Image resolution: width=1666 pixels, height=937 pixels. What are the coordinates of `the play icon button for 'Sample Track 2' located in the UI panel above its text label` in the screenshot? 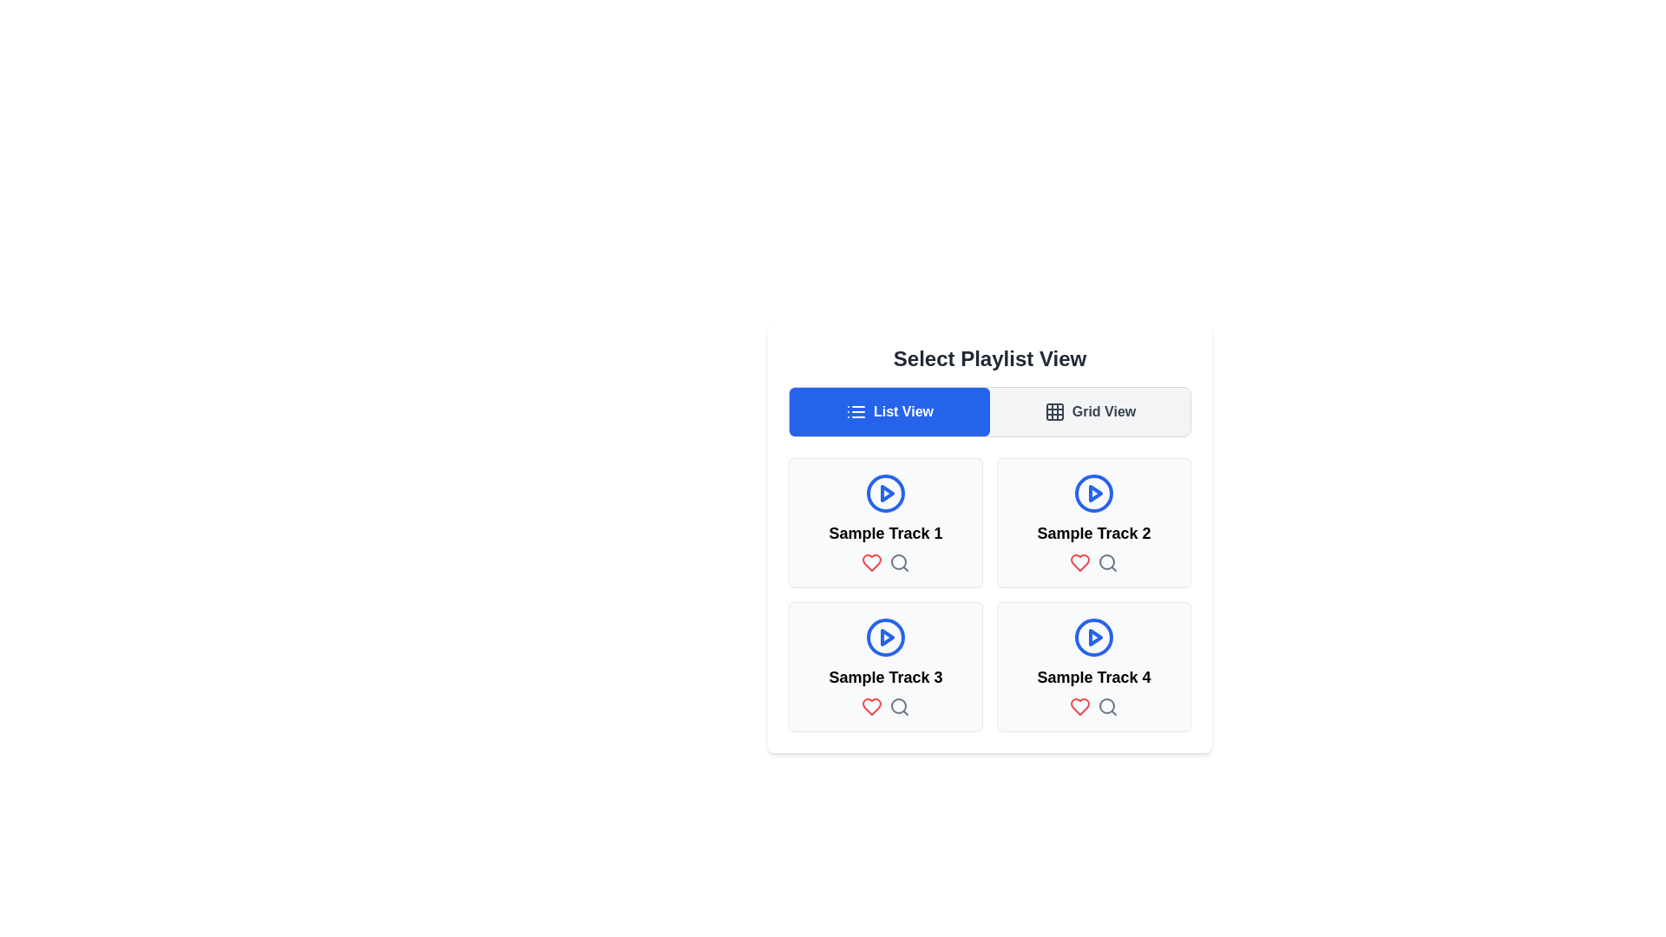 It's located at (1093, 494).